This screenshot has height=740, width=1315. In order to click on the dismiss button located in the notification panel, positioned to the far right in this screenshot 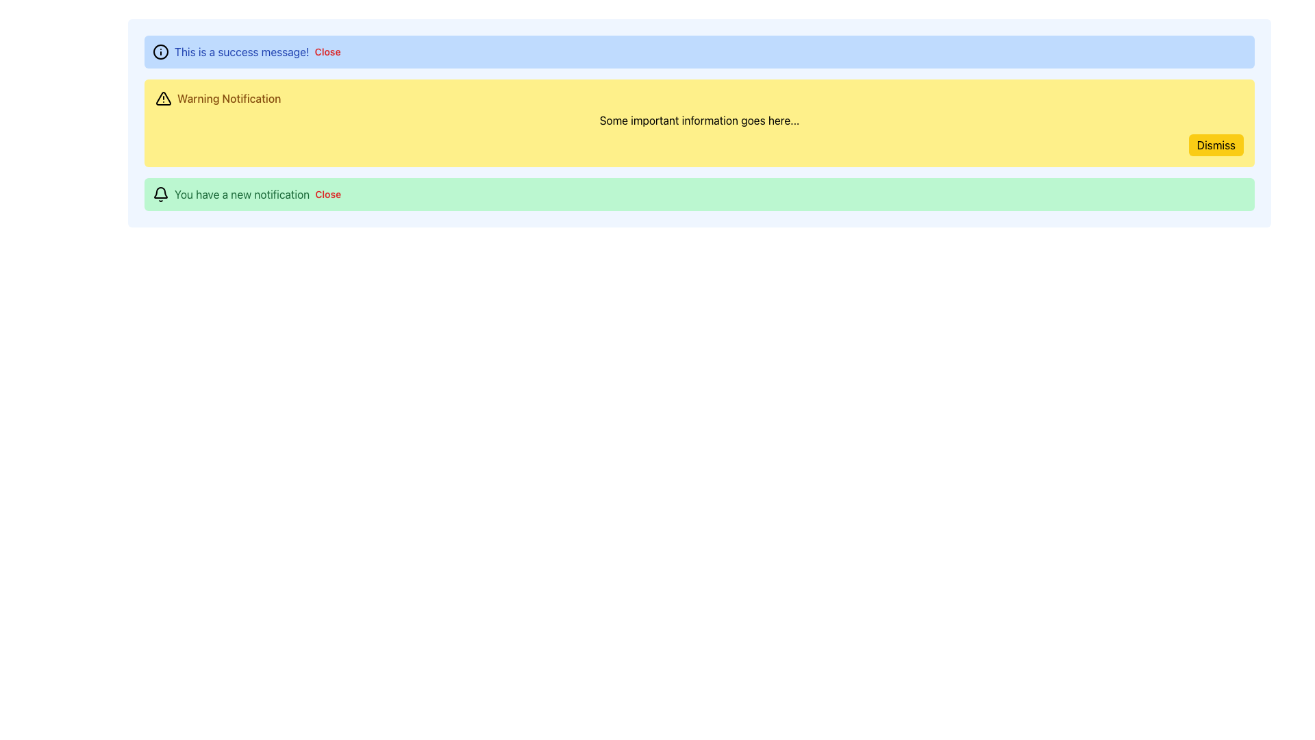, I will do `click(327, 51)`.